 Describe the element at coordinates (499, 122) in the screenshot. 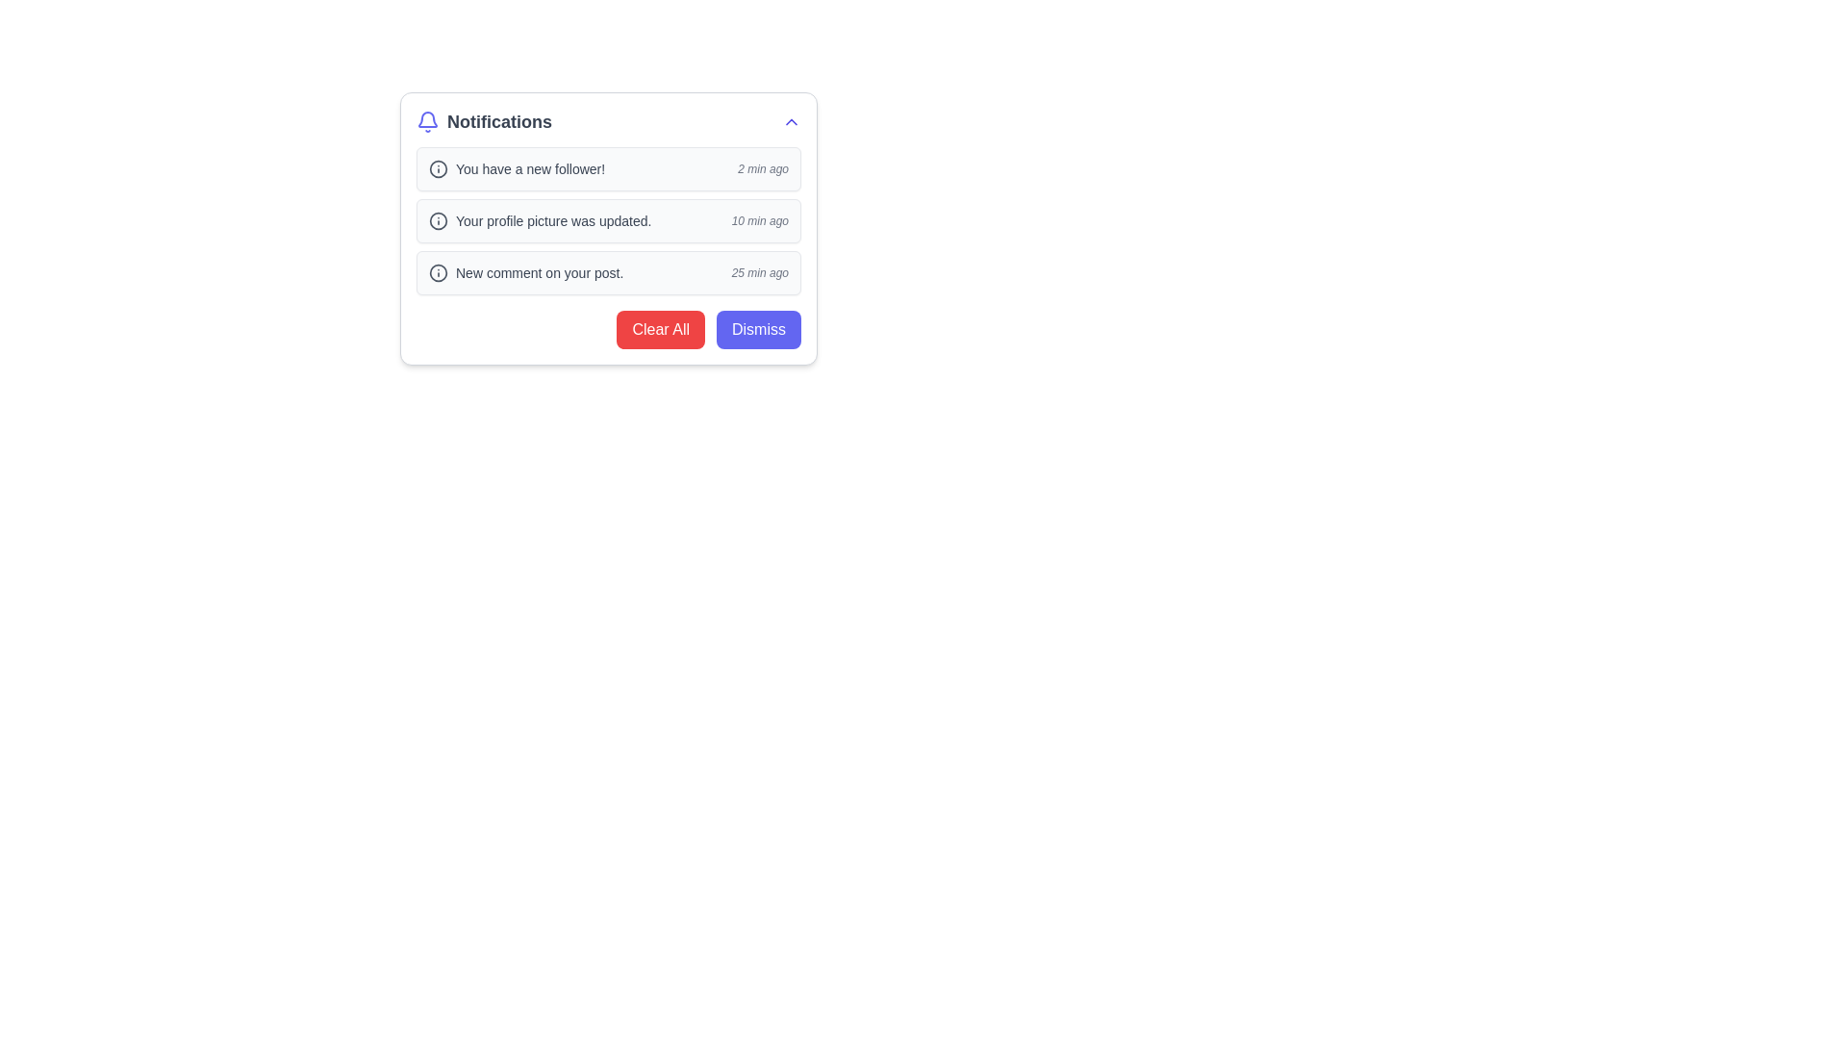

I see `the 'Notifications' text label which is styled in bold, larger font, and dark gray color, positioned to the right of the notification bell icon in the notification dropdown panel` at that location.